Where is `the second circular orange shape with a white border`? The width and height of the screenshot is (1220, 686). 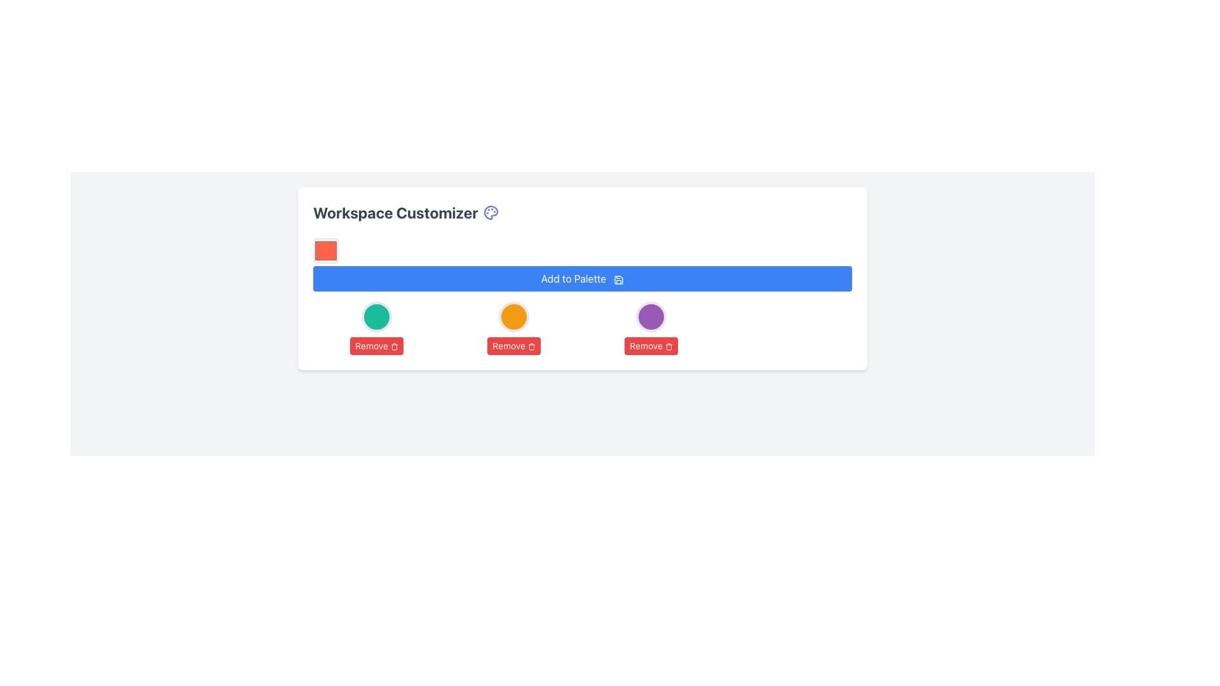 the second circular orange shape with a white border is located at coordinates (514, 316).